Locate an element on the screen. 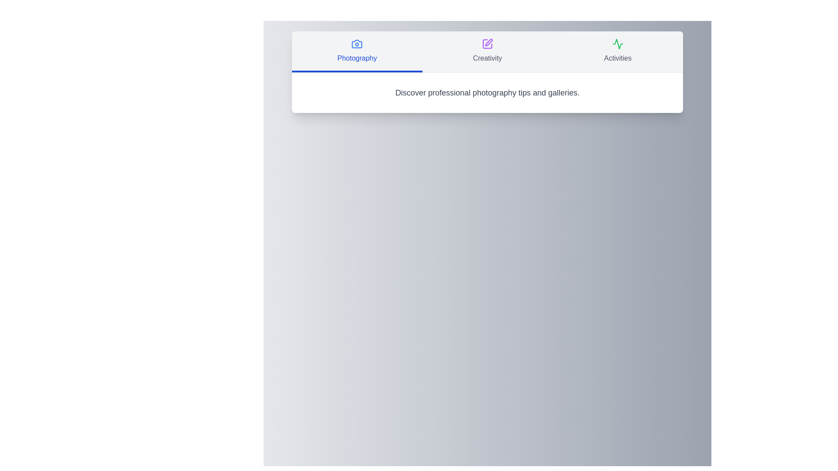 The width and height of the screenshot is (838, 471). the Activities tab to display its content is located at coordinates (618, 52).